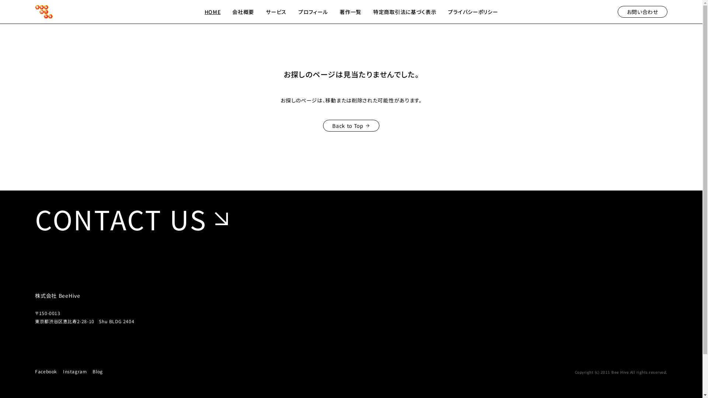 The height and width of the screenshot is (398, 708). I want to click on 'CONTACT US', so click(135, 219).